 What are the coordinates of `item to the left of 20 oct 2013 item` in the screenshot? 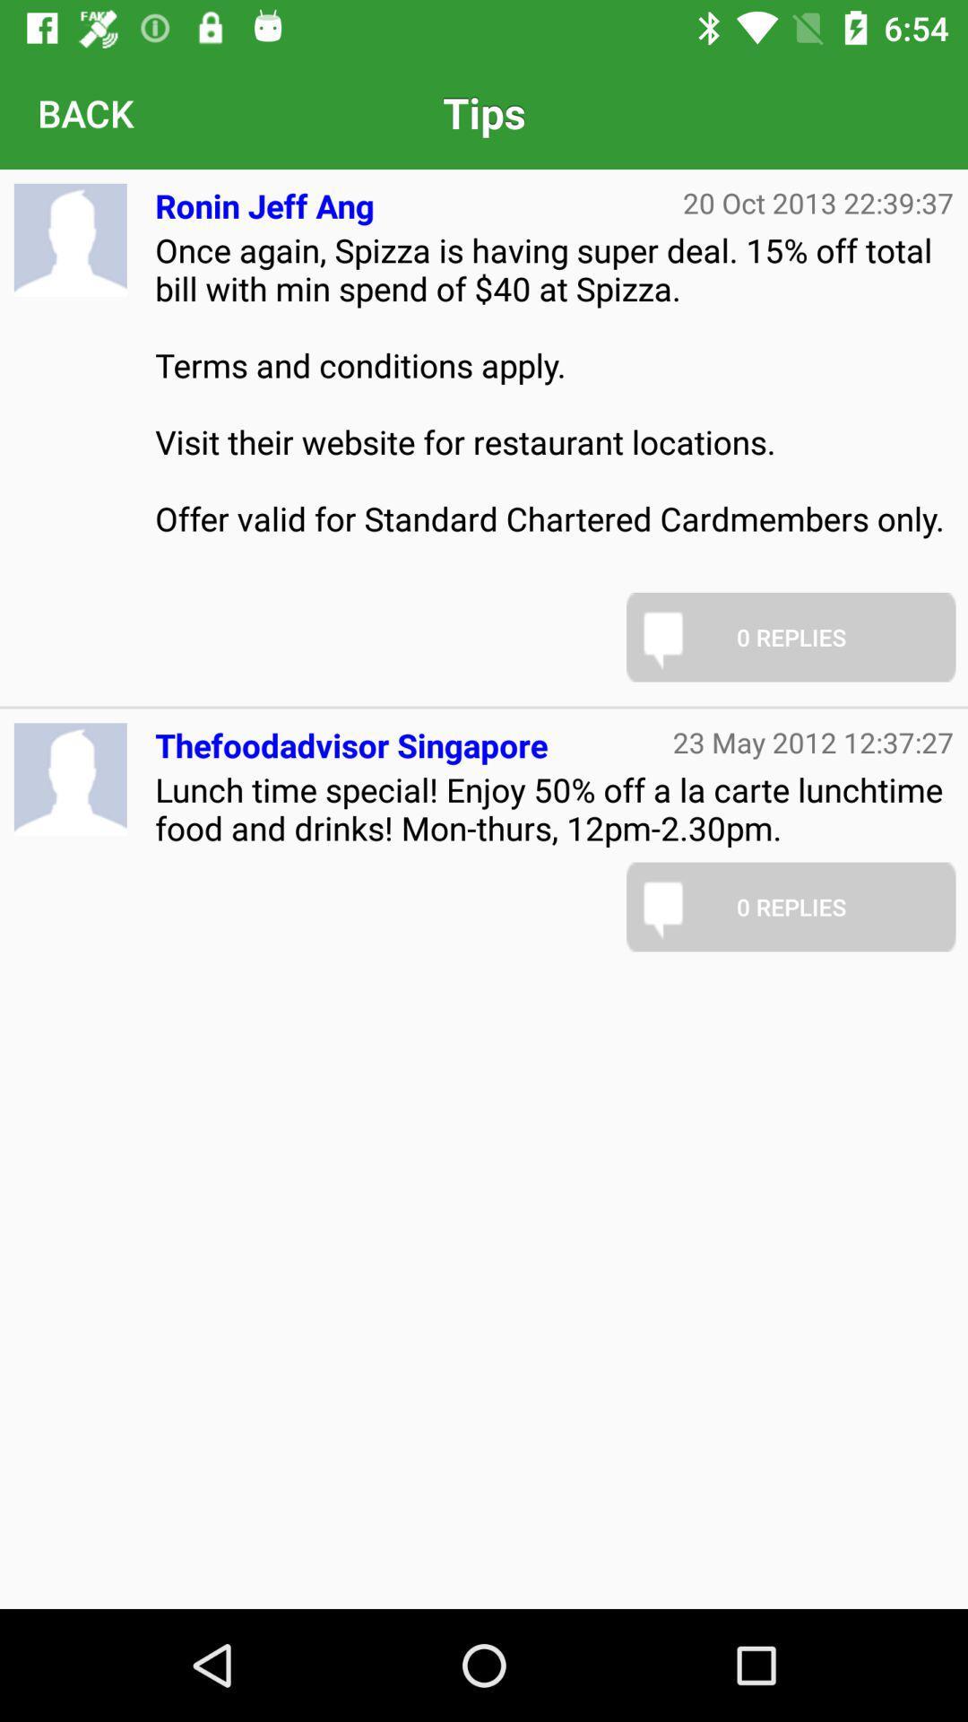 It's located at (264, 198).